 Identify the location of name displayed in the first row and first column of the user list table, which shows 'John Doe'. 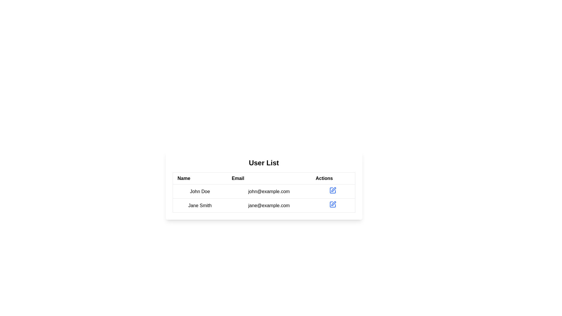
(200, 191).